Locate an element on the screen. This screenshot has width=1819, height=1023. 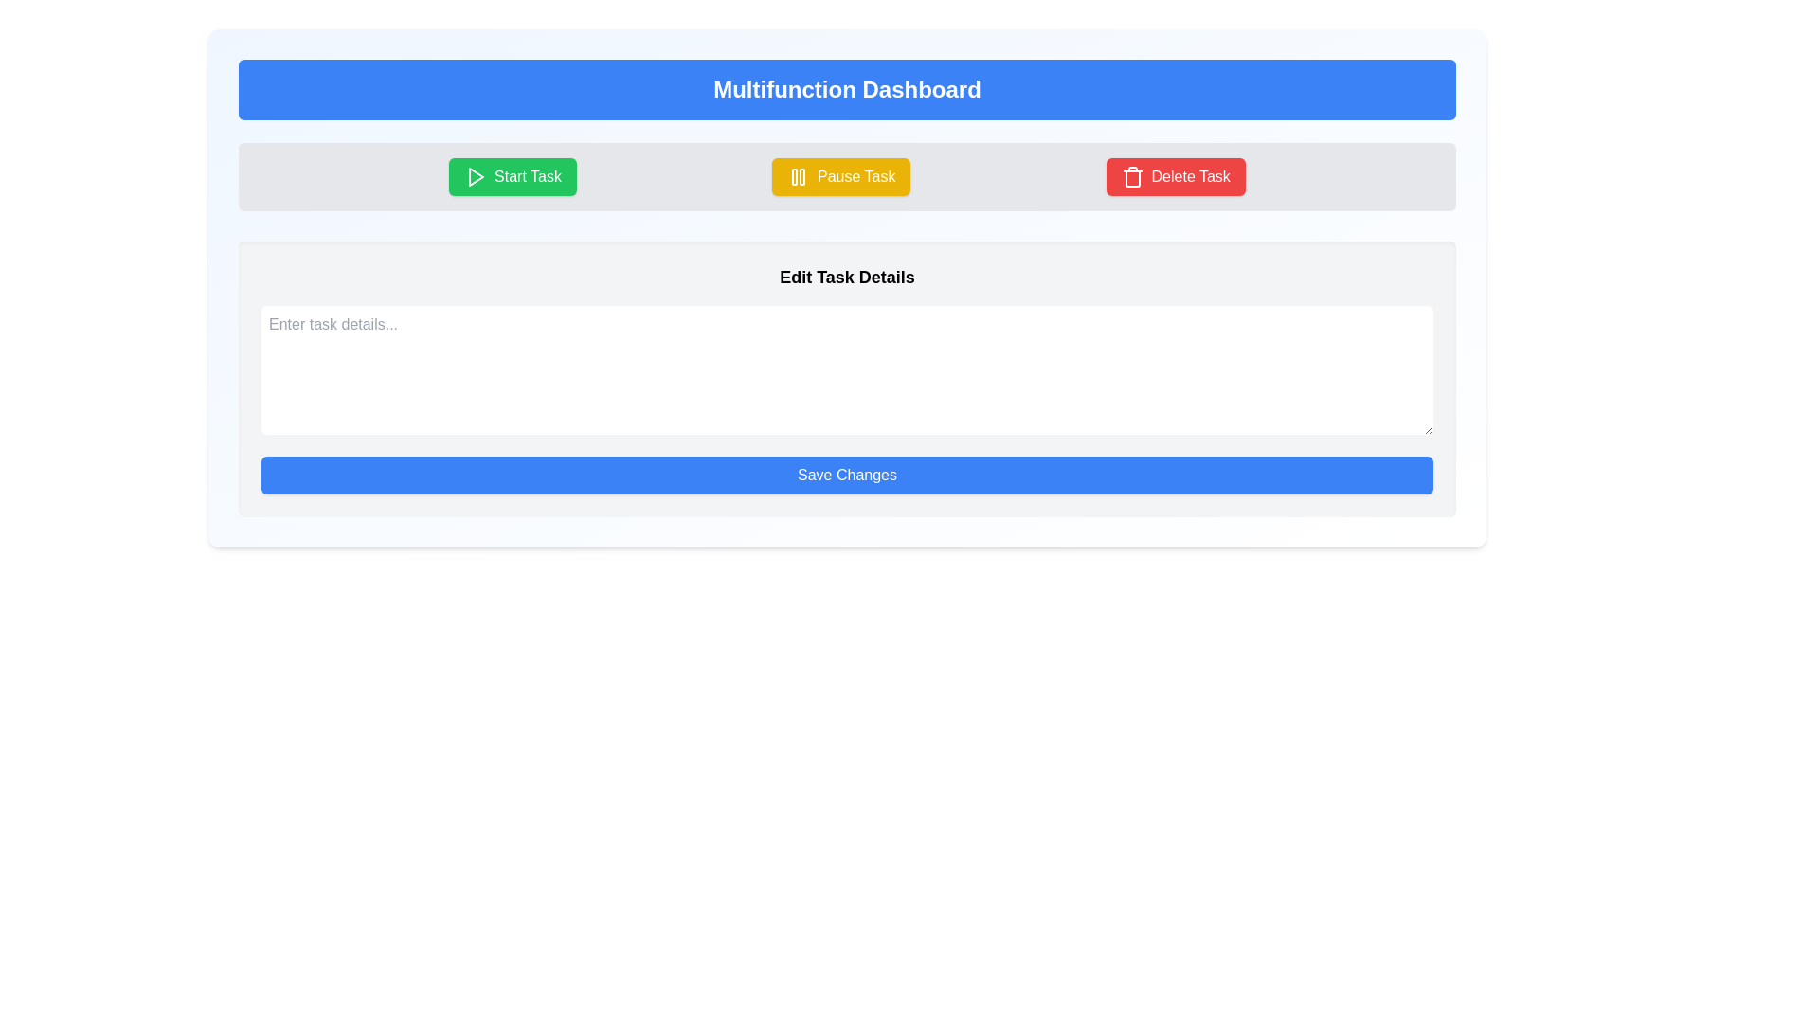
the yellow pause icon, which consists of two vertical rectangular bars, located centrally within the 'Pause Task' button is located at coordinates (799, 176).